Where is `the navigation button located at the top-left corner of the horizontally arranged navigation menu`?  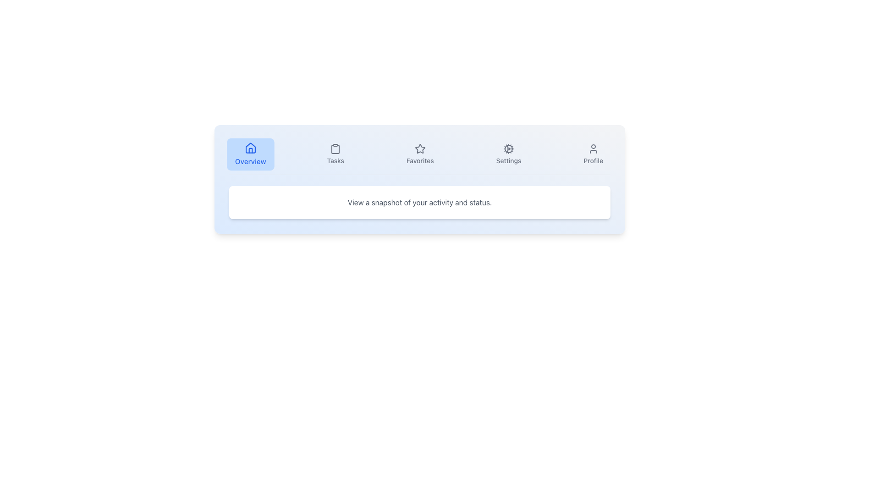
the navigation button located at the top-left corner of the horizontally arranged navigation menu is located at coordinates (250, 154).